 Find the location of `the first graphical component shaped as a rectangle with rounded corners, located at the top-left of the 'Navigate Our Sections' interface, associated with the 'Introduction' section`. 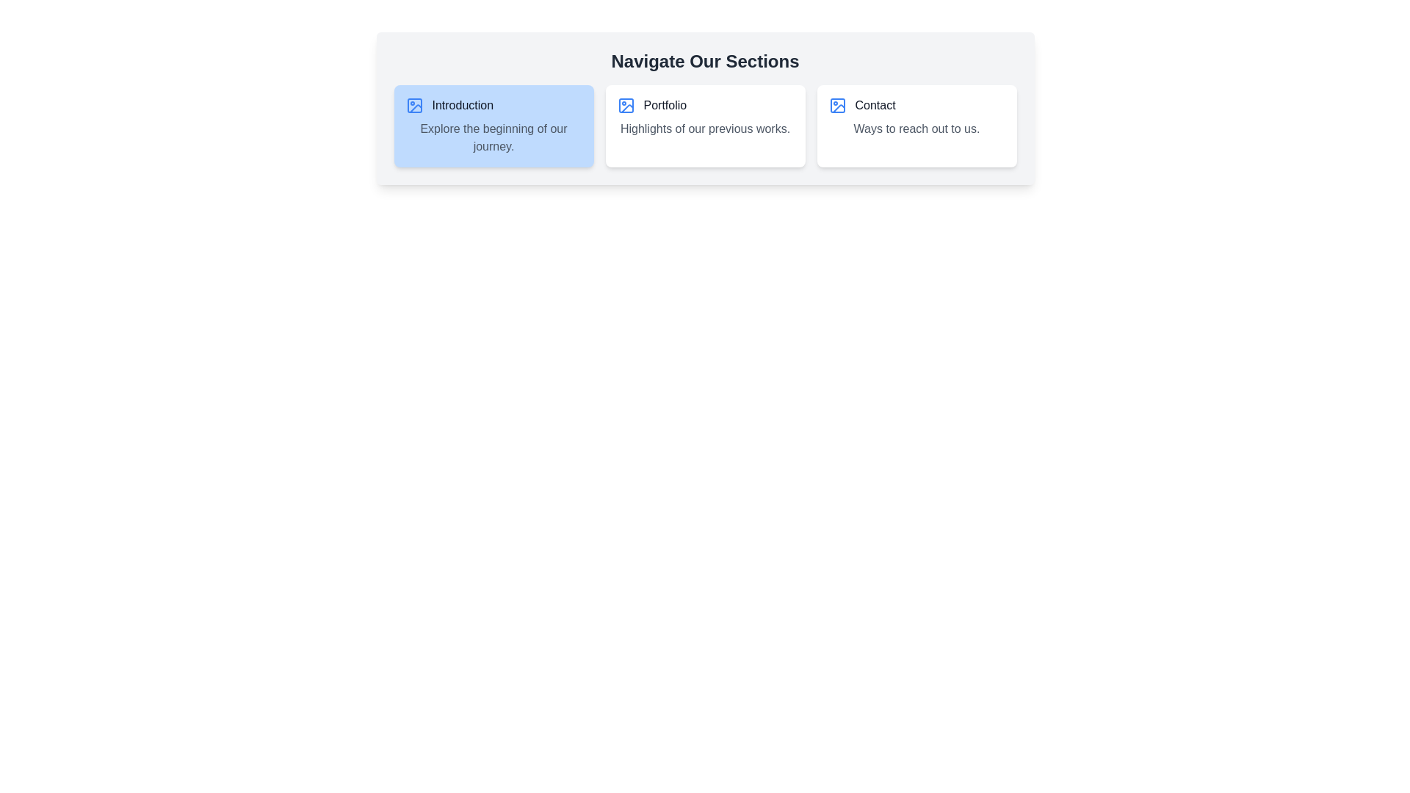

the first graphical component shaped as a rectangle with rounded corners, located at the top-left of the 'Navigate Our Sections' interface, associated with the 'Introduction' section is located at coordinates (626, 104).